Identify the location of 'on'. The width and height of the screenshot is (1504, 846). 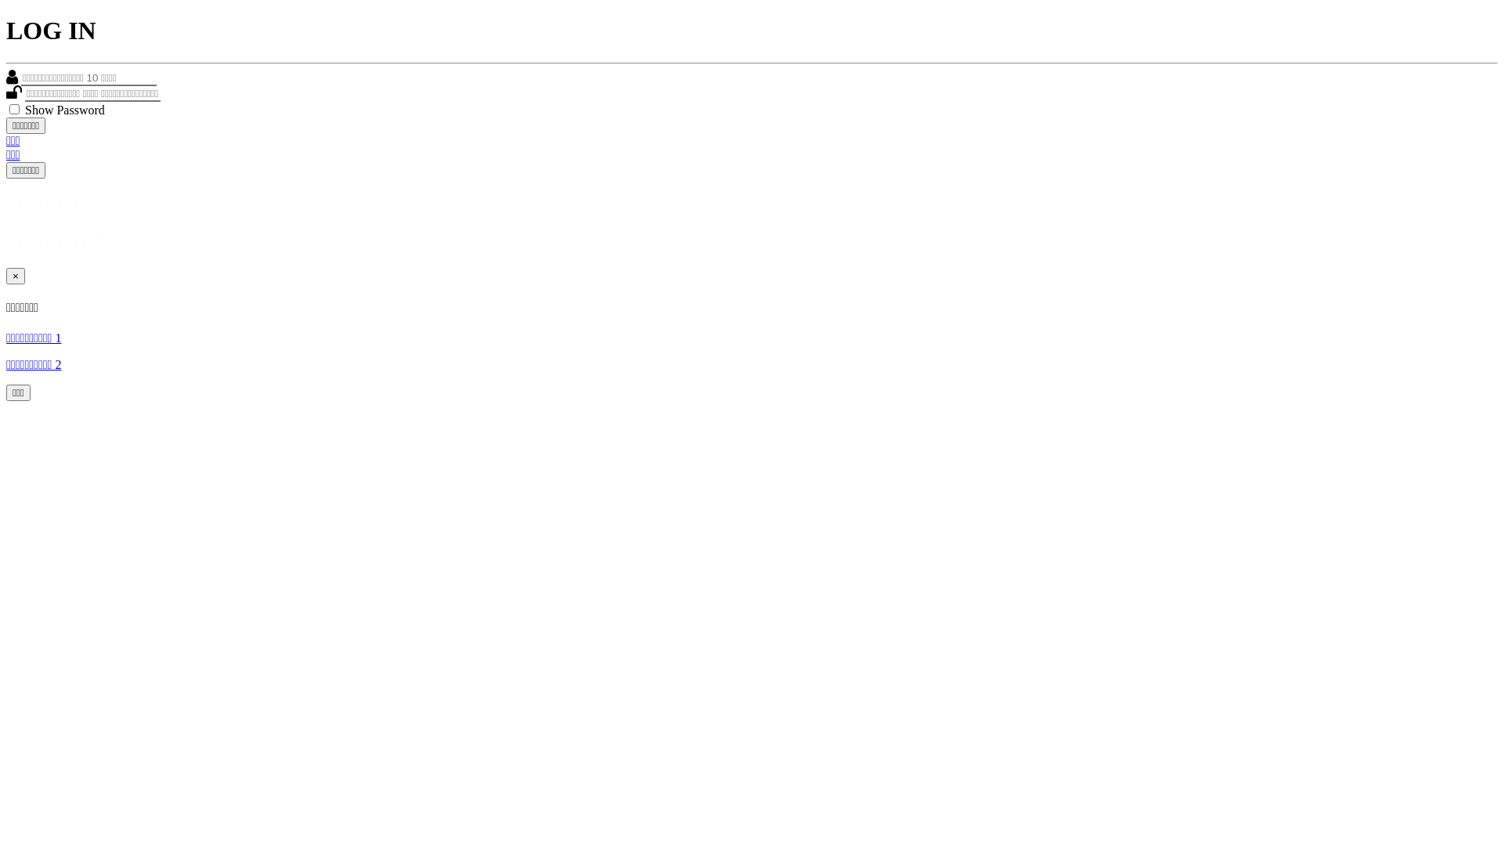
(9, 108).